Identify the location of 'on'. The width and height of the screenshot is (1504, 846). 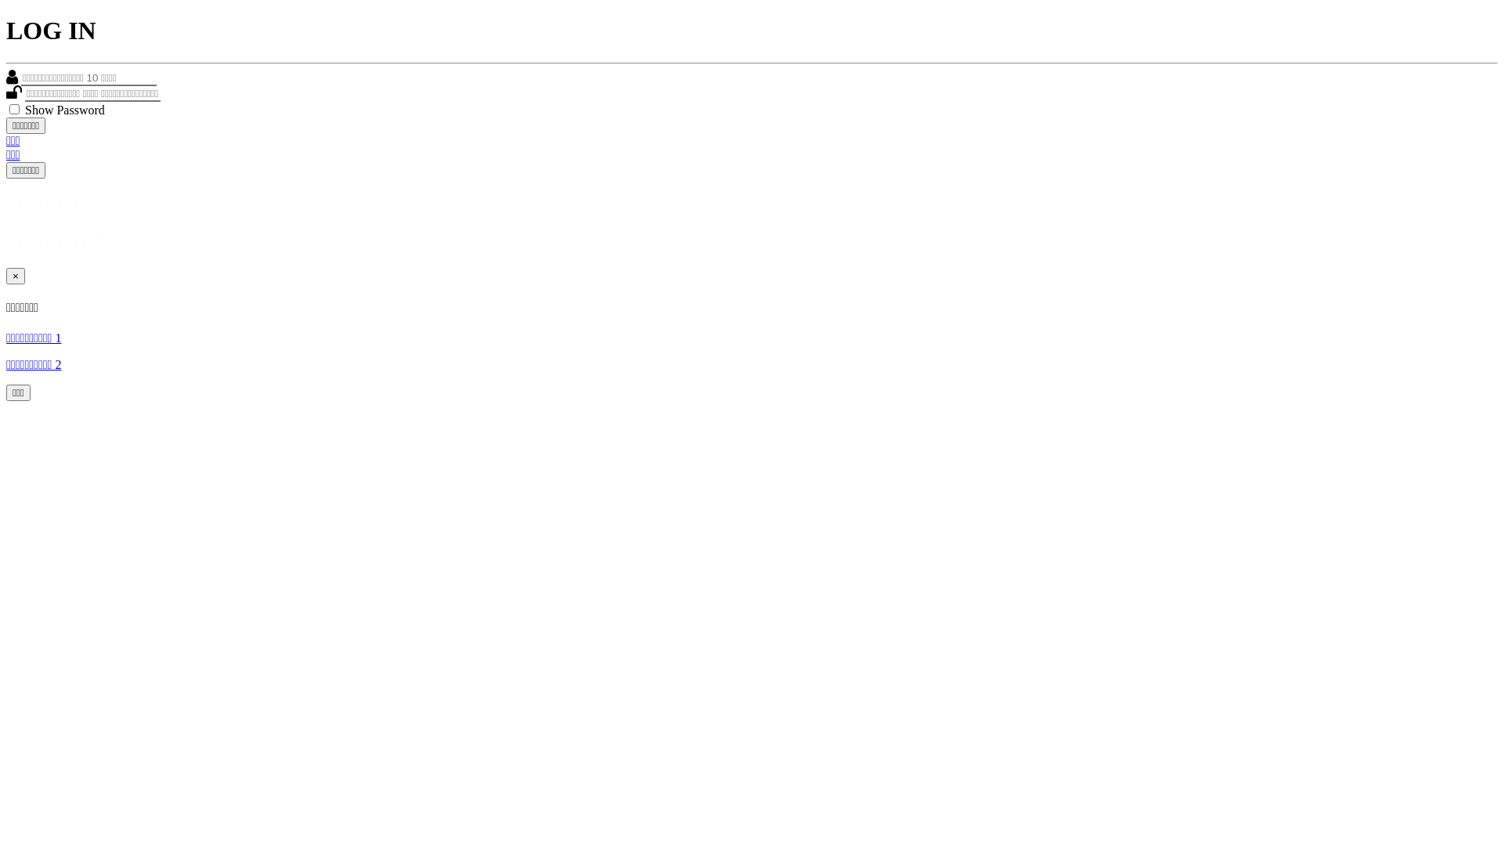
(9, 108).